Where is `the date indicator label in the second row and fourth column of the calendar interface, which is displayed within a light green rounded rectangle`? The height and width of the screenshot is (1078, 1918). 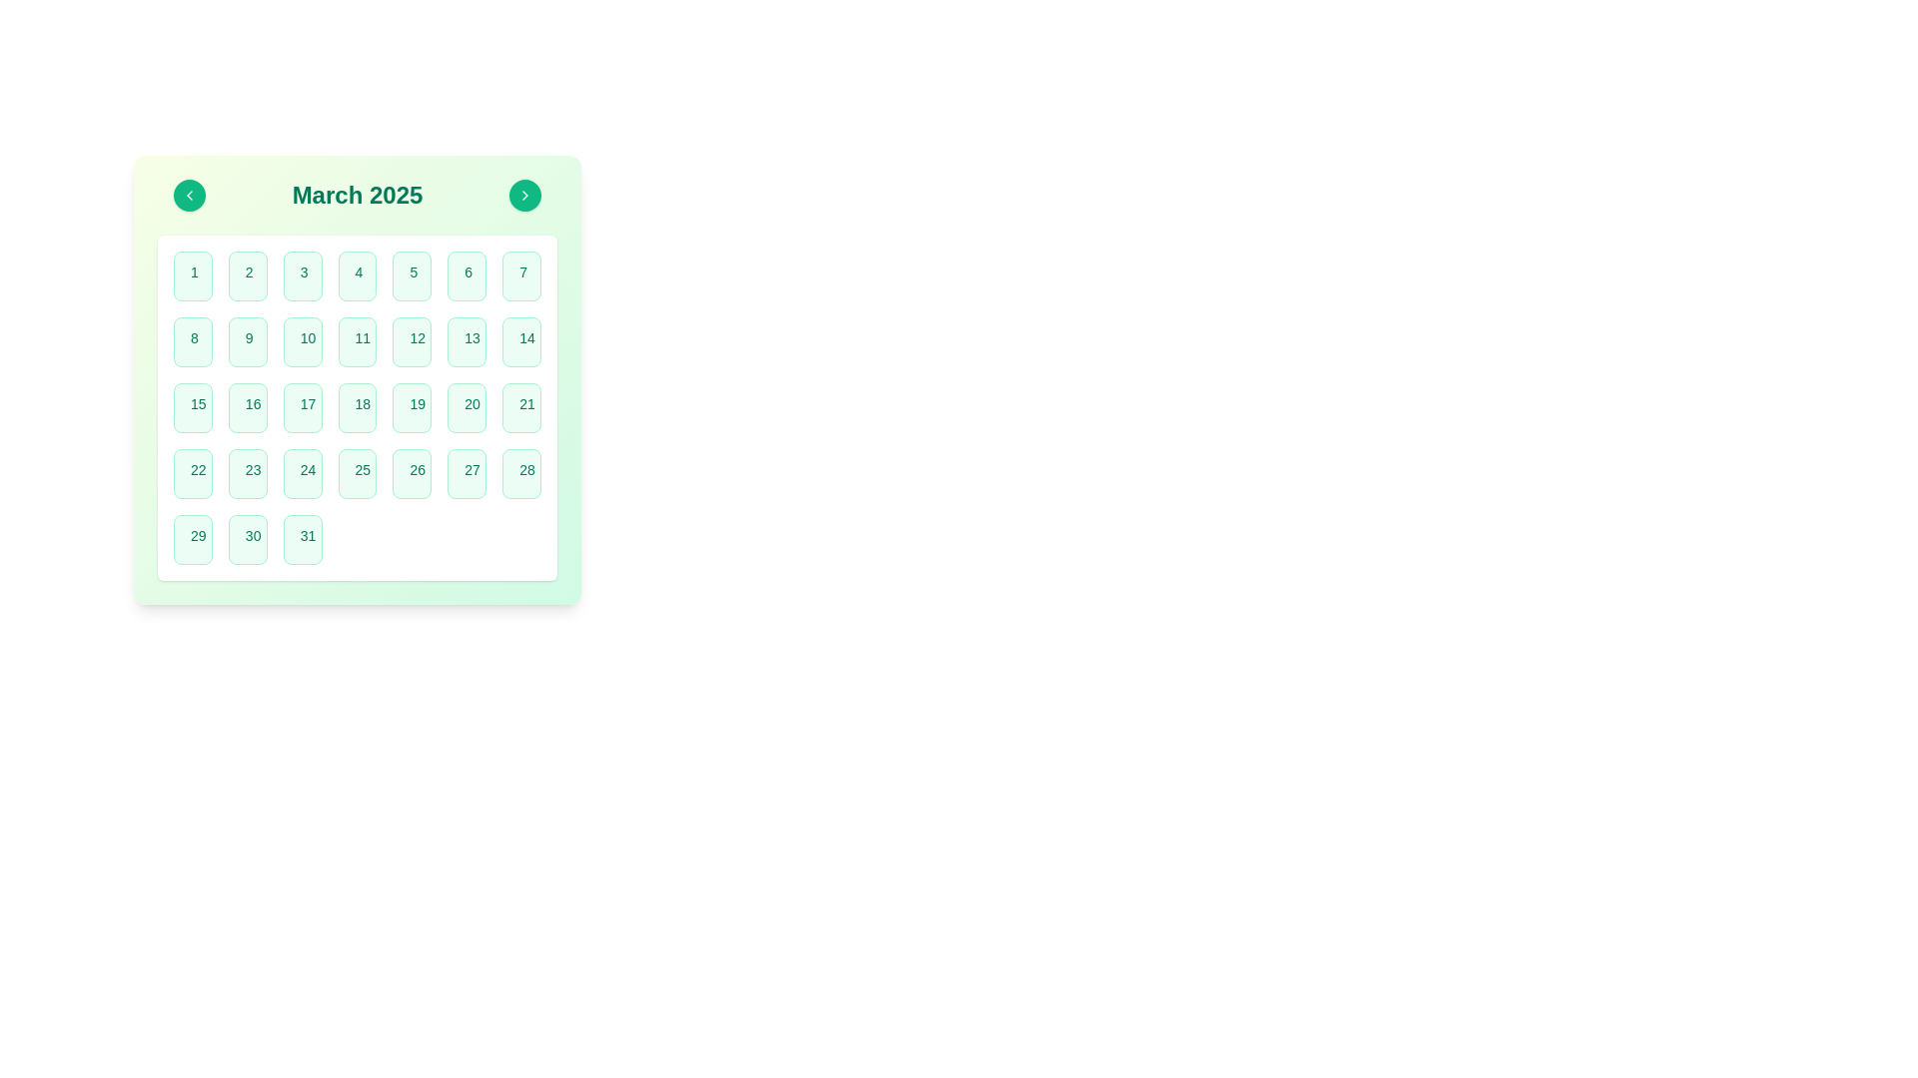 the date indicator label in the second row and fourth column of the calendar interface, which is displayed within a light green rounded rectangle is located at coordinates (417, 337).